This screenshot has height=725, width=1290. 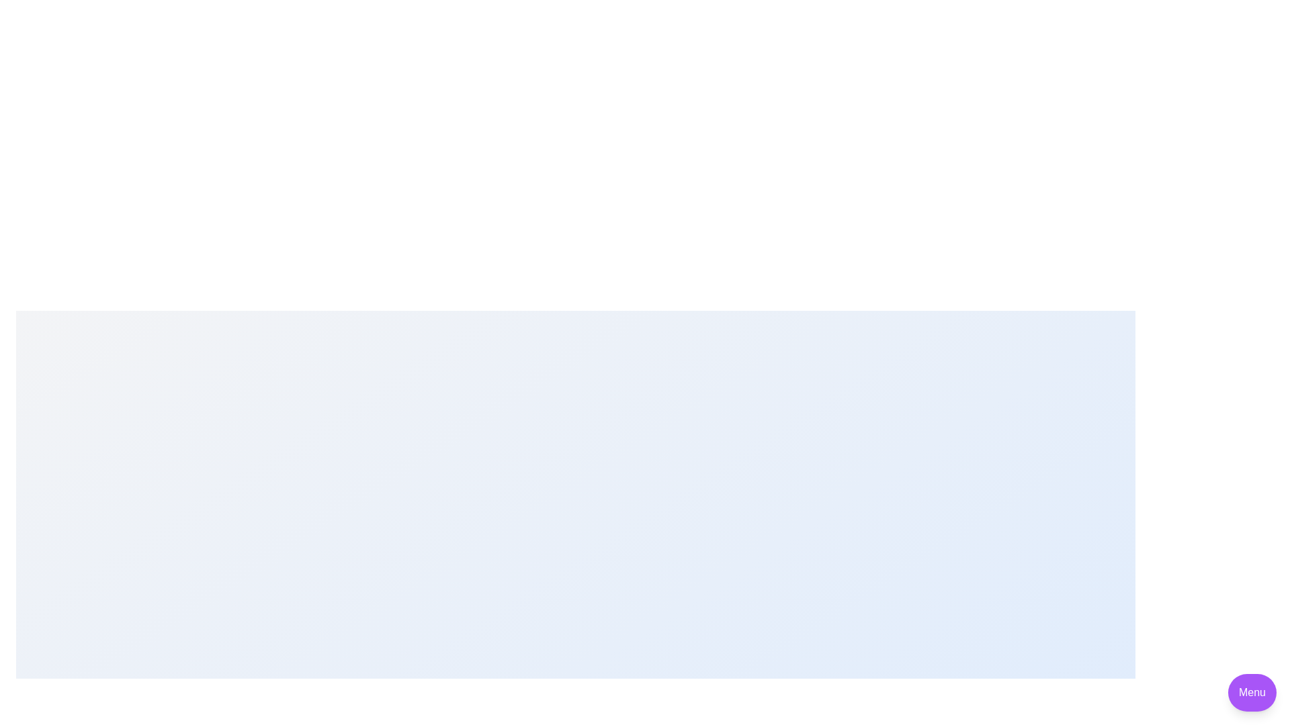 What do you see at coordinates (1251, 693) in the screenshot?
I see `the 'Menu' button to toggle the visibility of the speed dial menu` at bounding box center [1251, 693].